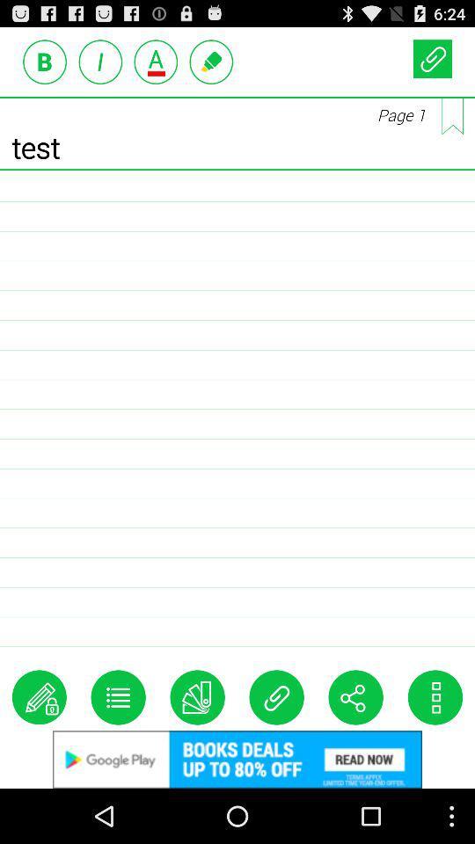 The height and width of the screenshot is (844, 475). Describe the element at coordinates (39, 746) in the screenshot. I see `the edit icon` at that location.